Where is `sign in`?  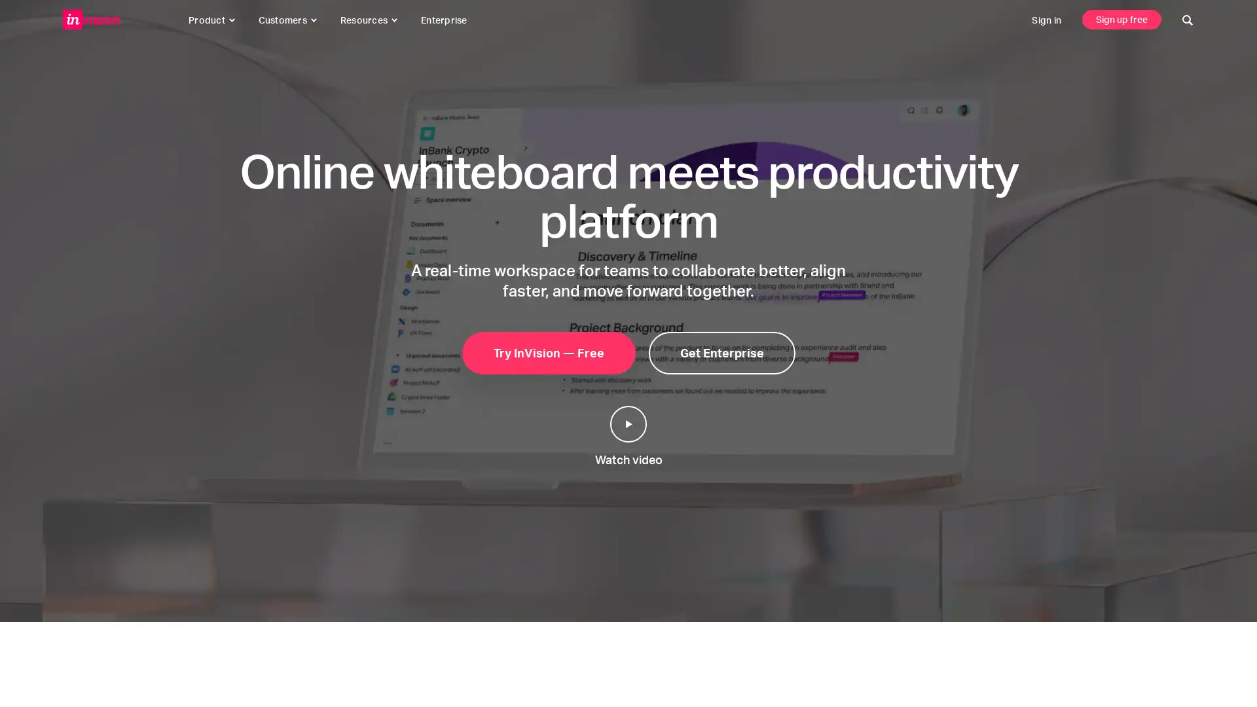
sign in is located at coordinates (1046, 20).